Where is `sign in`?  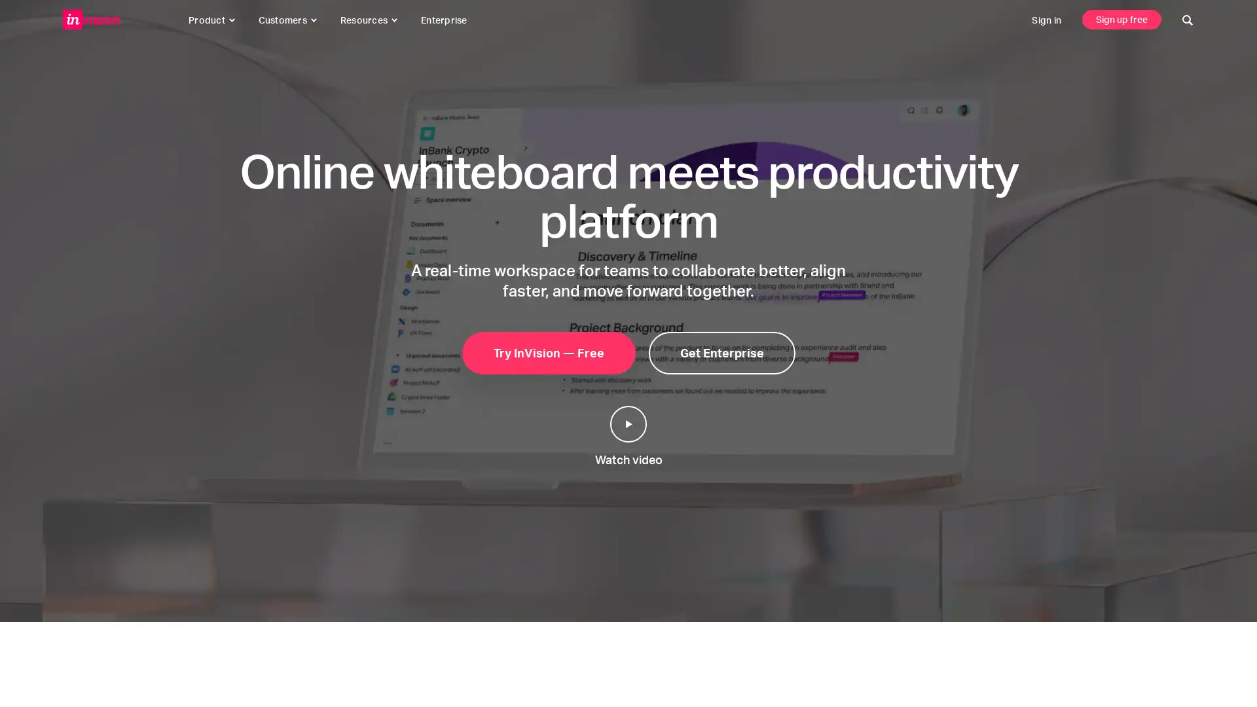
sign in is located at coordinates (1046, 20).